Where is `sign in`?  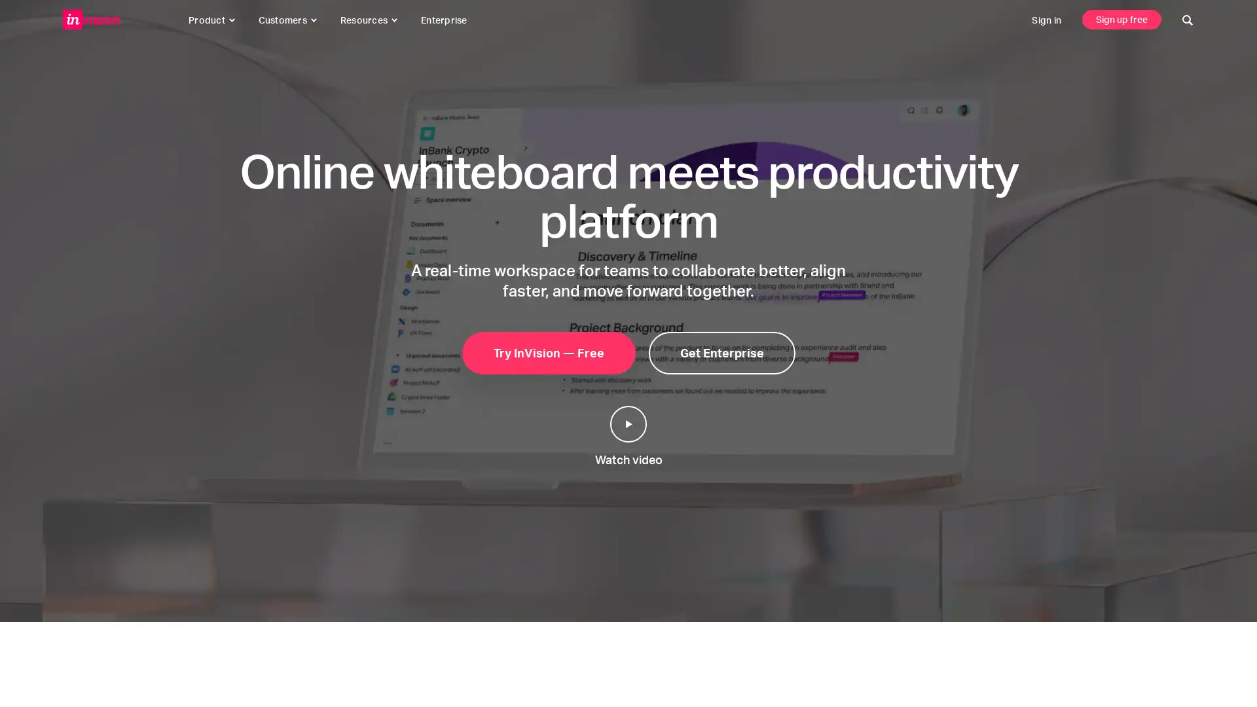
sign in is located at coordinates (1046, 20).